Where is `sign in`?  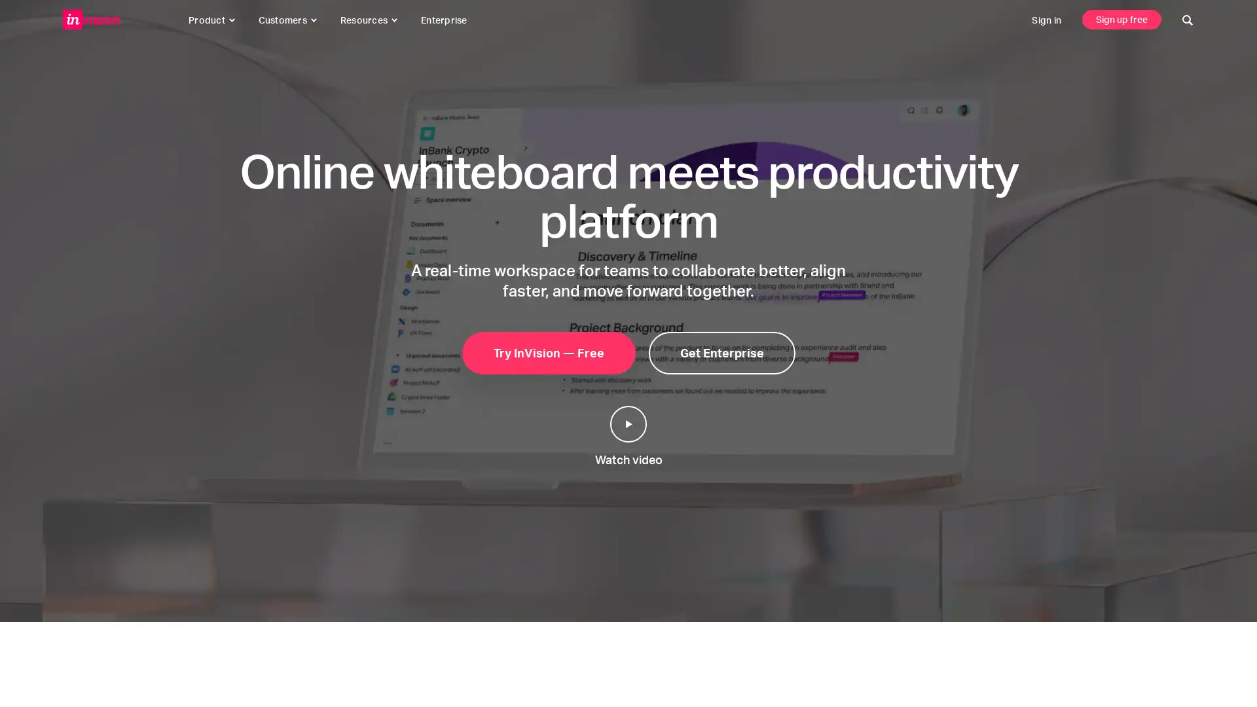
sign in is located at coordinates (1046, 20).